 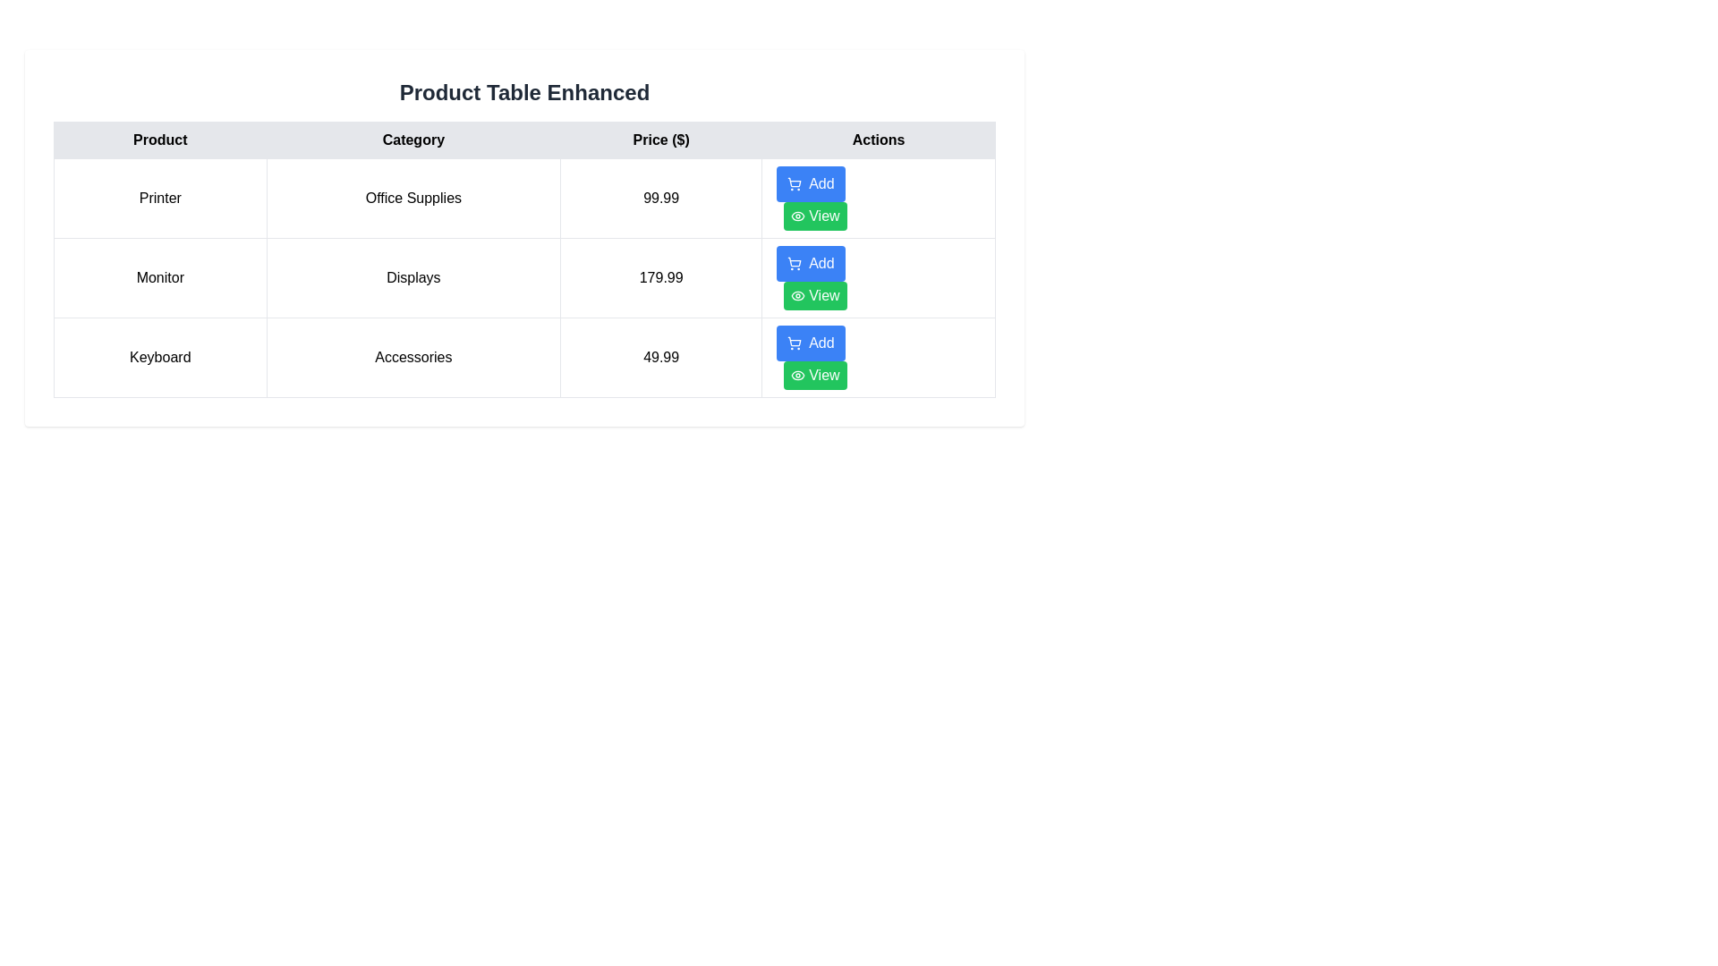 I want to click on the icon that represents the 'View' action, centrally located within the 'View' button of the 'Actions' column for the 'Keyboard' row in the displayed table, so click(x=797, y=375).